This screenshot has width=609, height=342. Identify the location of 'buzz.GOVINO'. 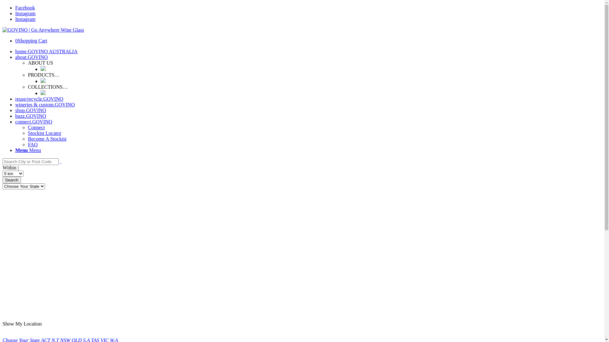
(30, 116).